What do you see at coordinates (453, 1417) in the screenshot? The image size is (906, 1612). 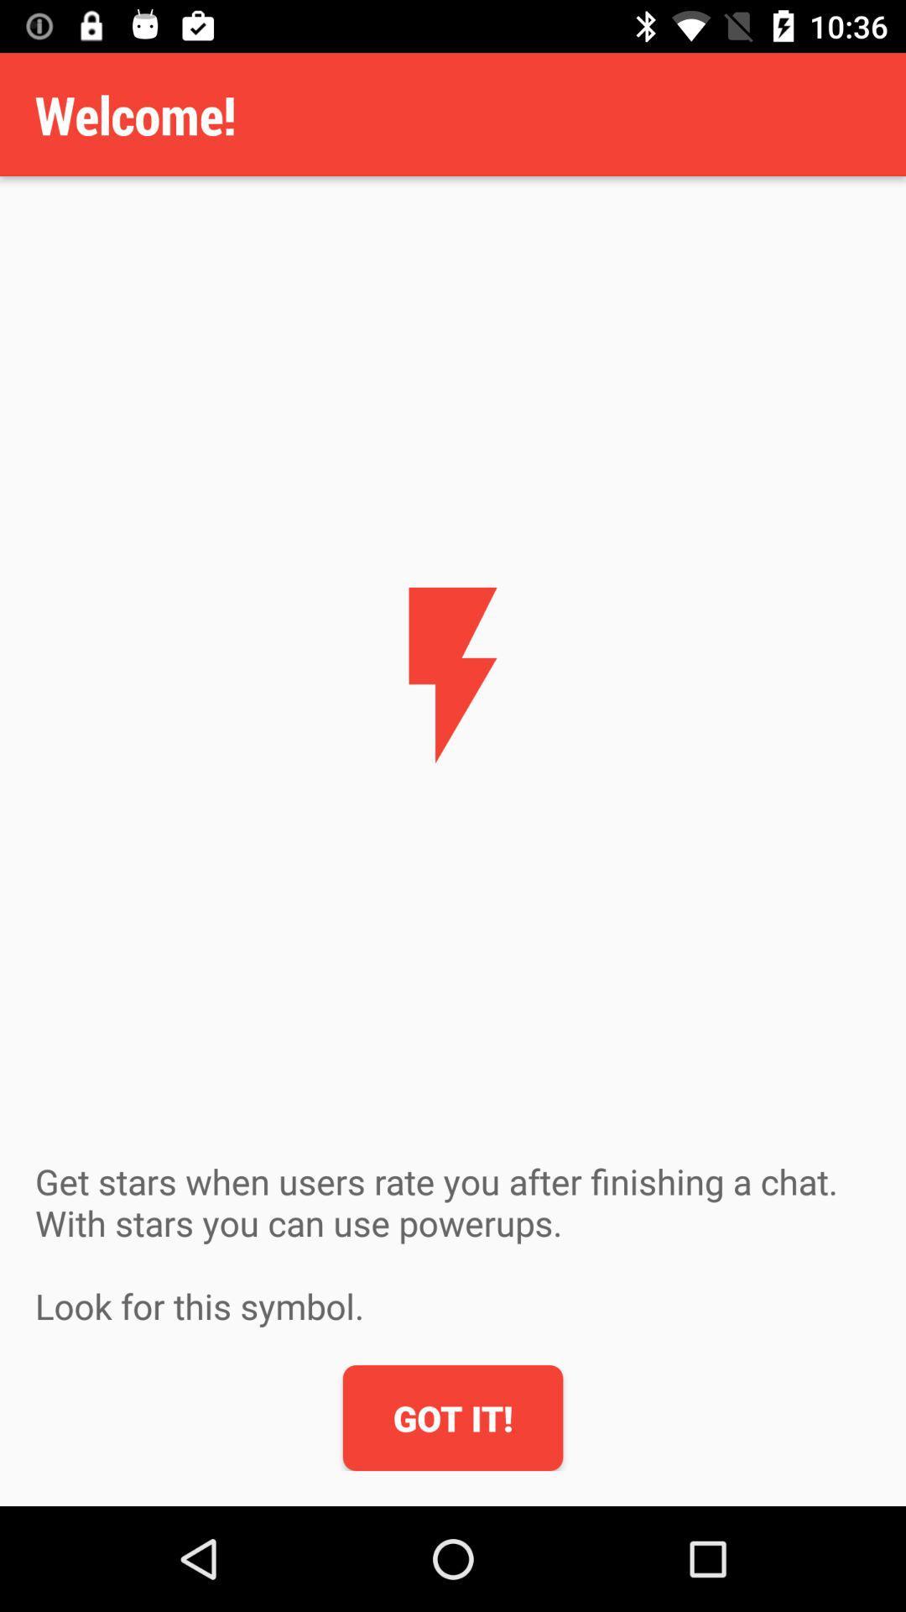 I see `got it! icon` at bounding box center [453, 1417].